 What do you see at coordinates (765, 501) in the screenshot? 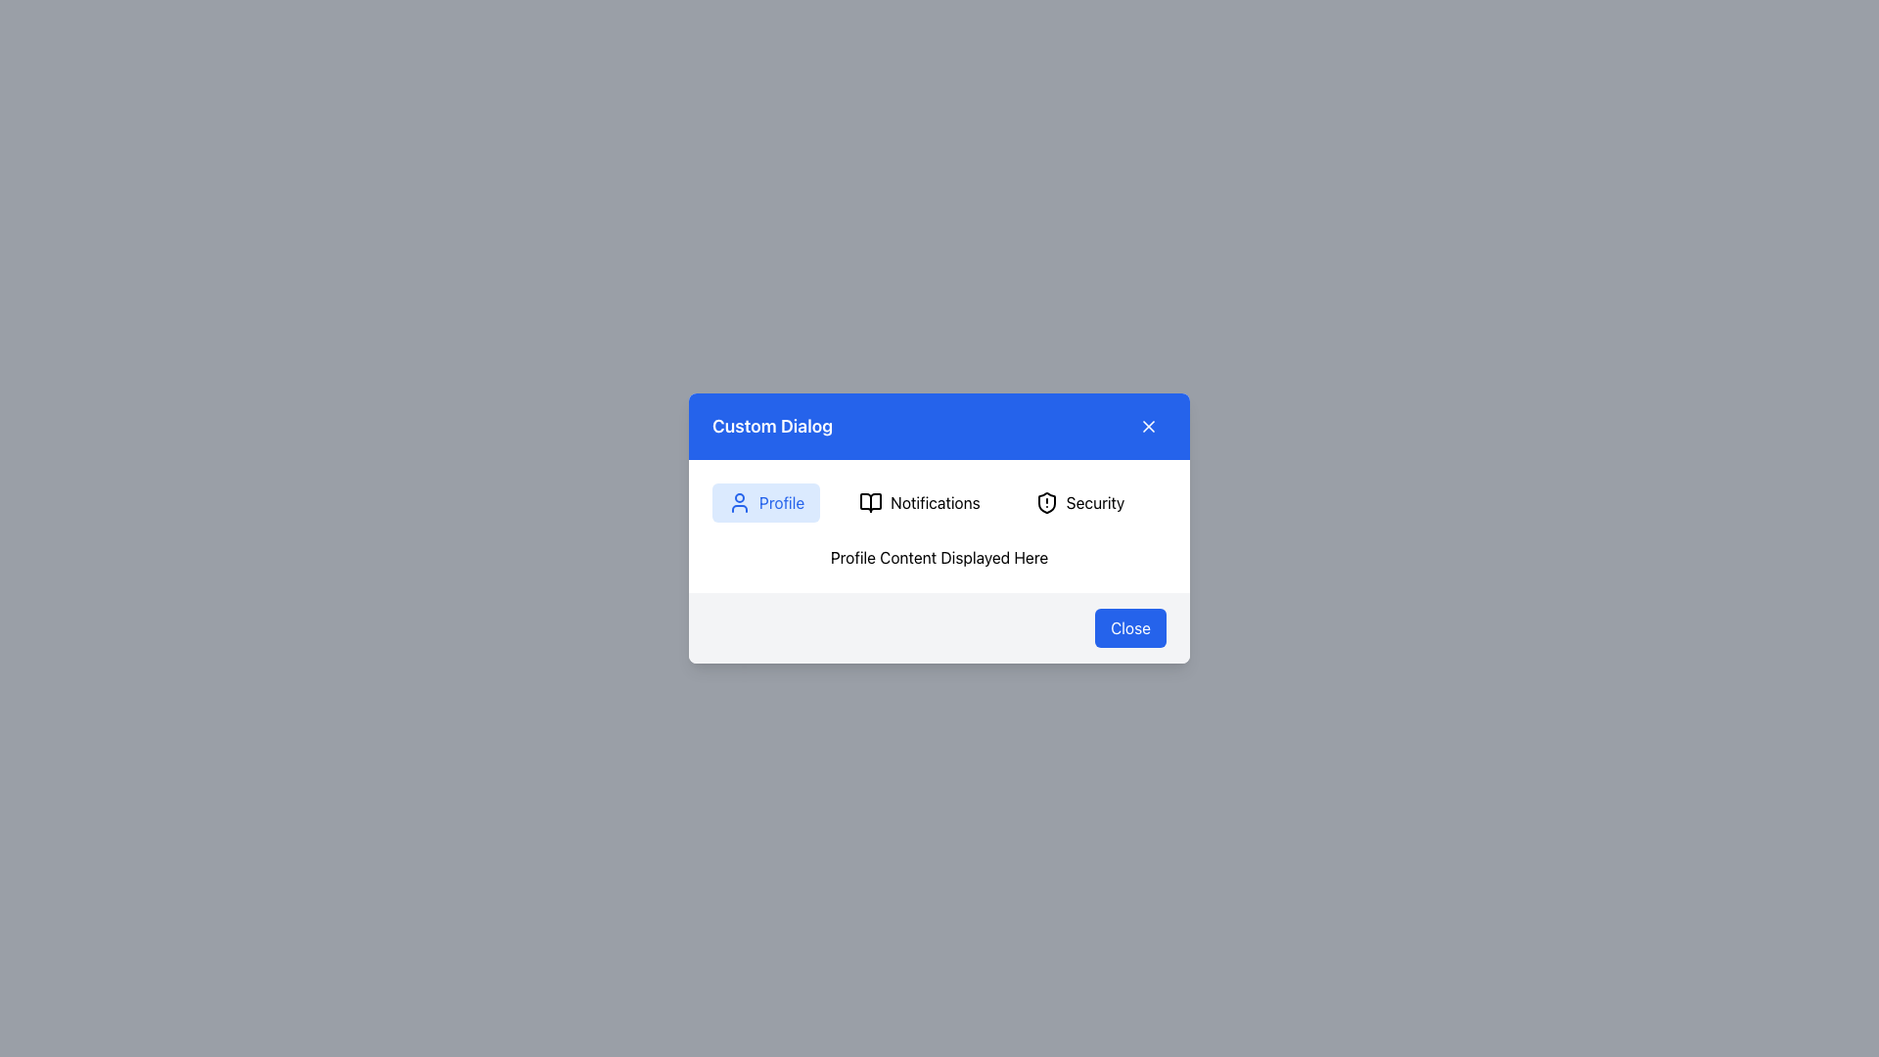
I see `the 'Profile' button, which has a blue icon resembling a user and is the first button in a horizontal sequence` at bounding box center [765, 501].